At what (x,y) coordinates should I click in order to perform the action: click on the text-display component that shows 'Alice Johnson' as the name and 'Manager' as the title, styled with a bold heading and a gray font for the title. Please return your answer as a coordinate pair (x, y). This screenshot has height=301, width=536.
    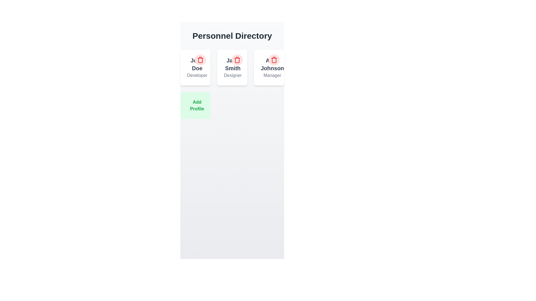
    Looking at the image, I should click on (269, 67).